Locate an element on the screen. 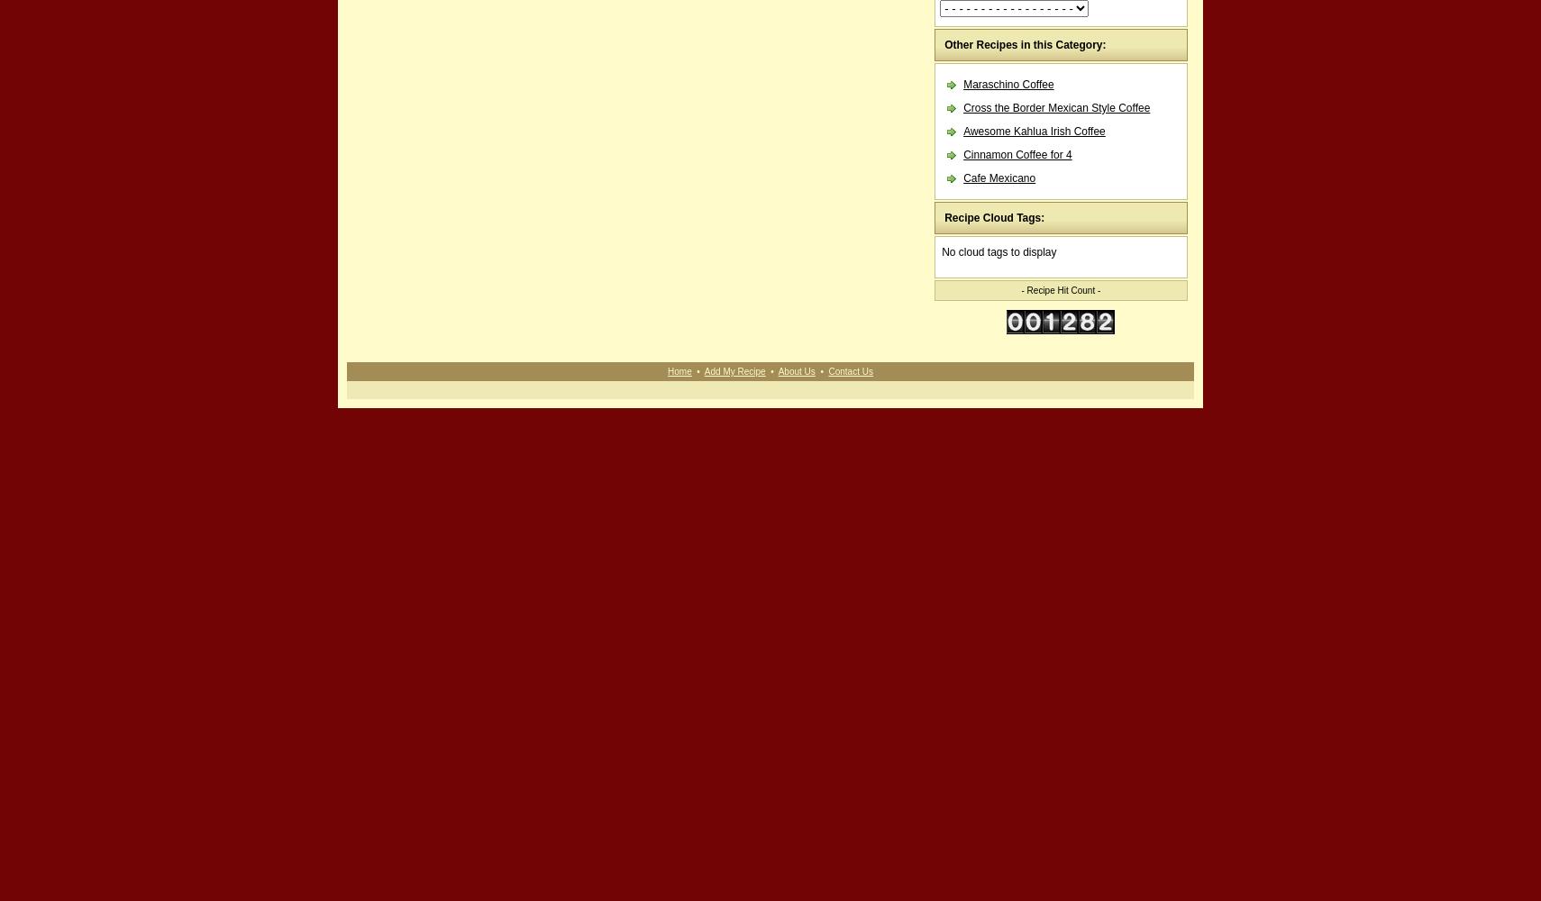 Image resolution: width=1541 pixels, height=901 pixels. 'About Us' is located at coordinates (795, 371).